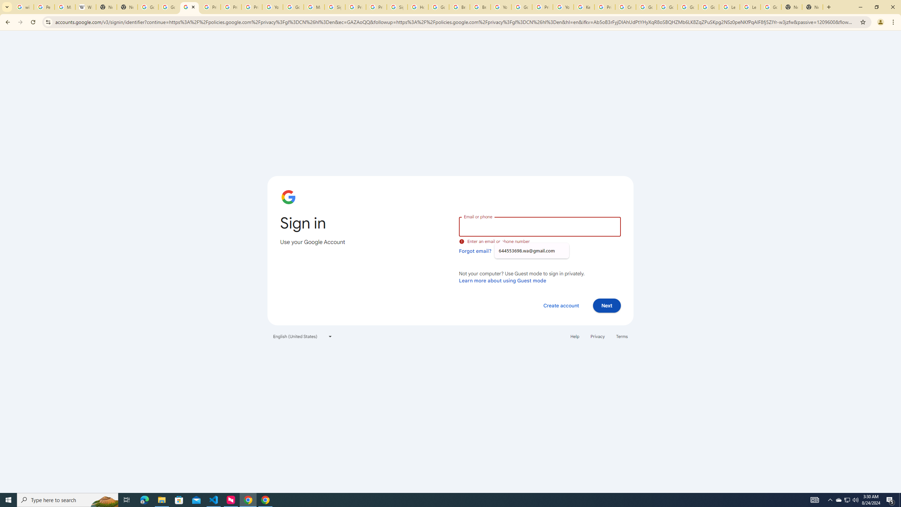  Describe the element at coordinates (812, 7) in the screenshot. I see `'New Tab'` at that location.